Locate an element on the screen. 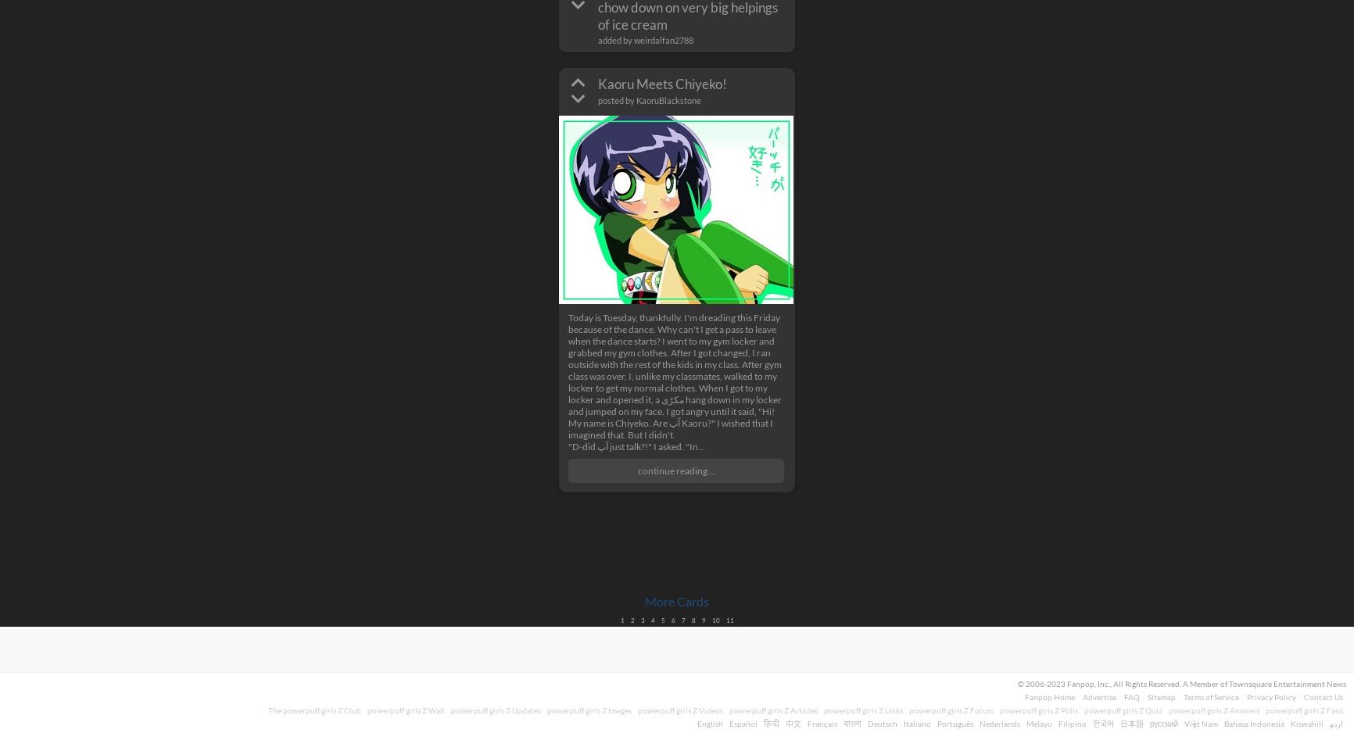 The image size is (1354, 751). '2' is located at coordinates (631, 619).